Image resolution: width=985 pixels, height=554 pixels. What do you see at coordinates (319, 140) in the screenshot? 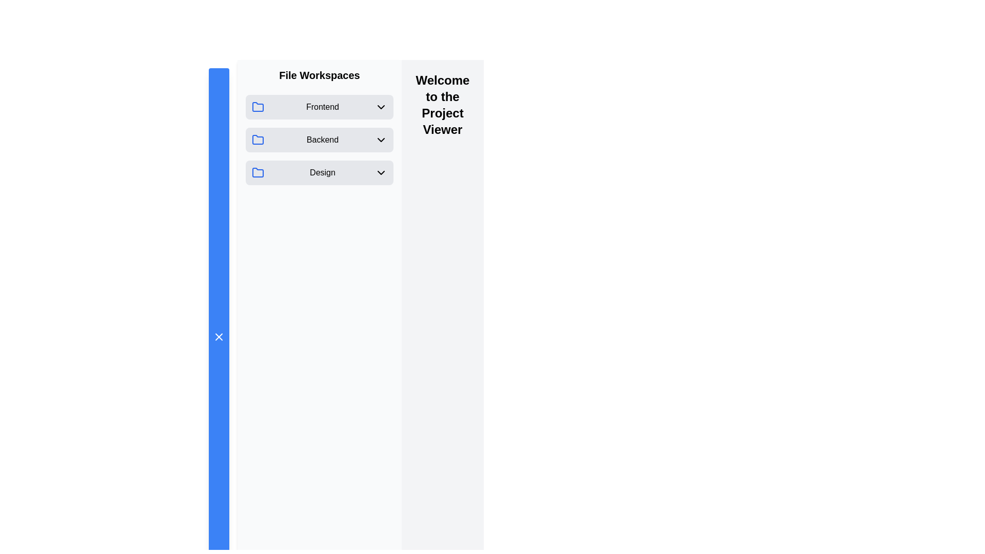
I see `the folder icon of the second list item labeled 'Backend' under the 'File Workspaces' header` at bounding box center [319, 140].